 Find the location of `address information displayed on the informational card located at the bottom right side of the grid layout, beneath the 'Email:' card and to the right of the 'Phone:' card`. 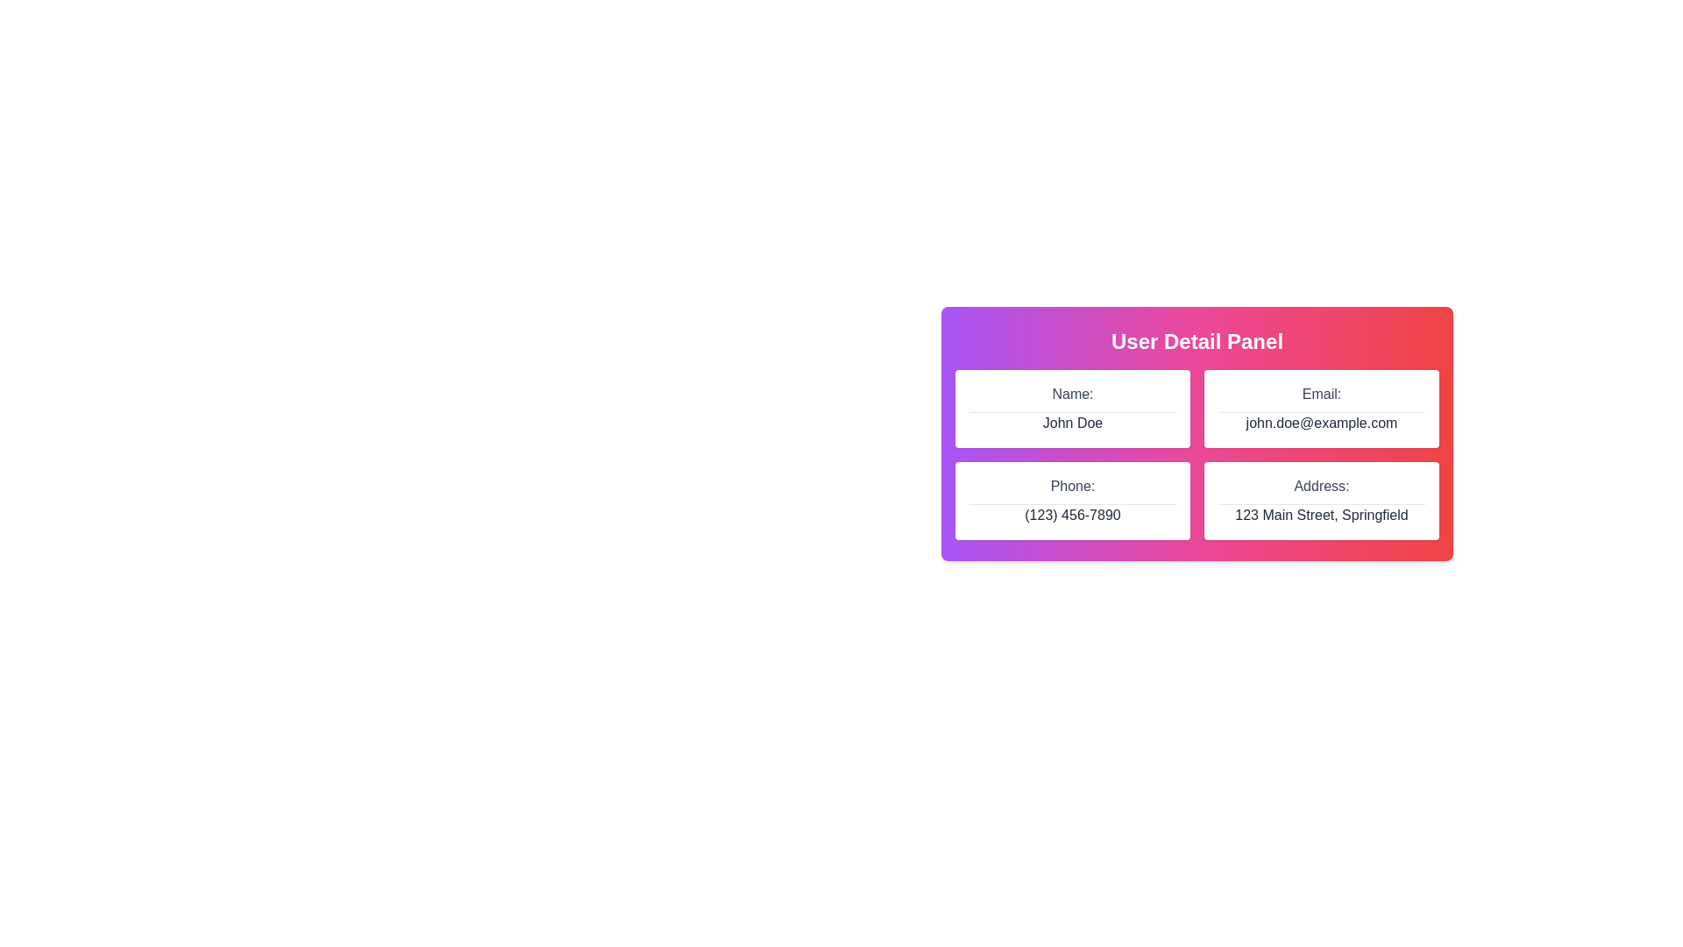

address information displayed on the informational card located at the bottom right side of the grid layout, beneath the 'Email:' card and to the right of the 'Phone:' card is located at coordinates (1321, 500).